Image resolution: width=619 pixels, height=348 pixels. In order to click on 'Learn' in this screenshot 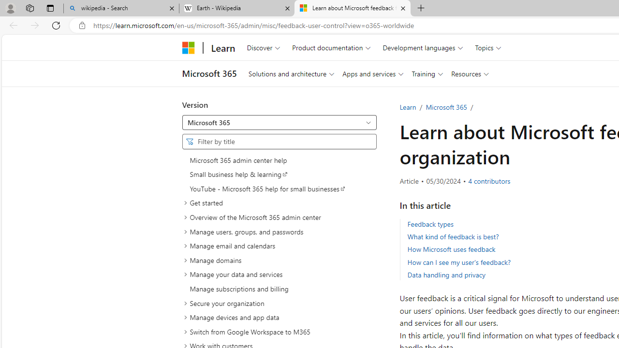, I will do `click(408, 107)`.